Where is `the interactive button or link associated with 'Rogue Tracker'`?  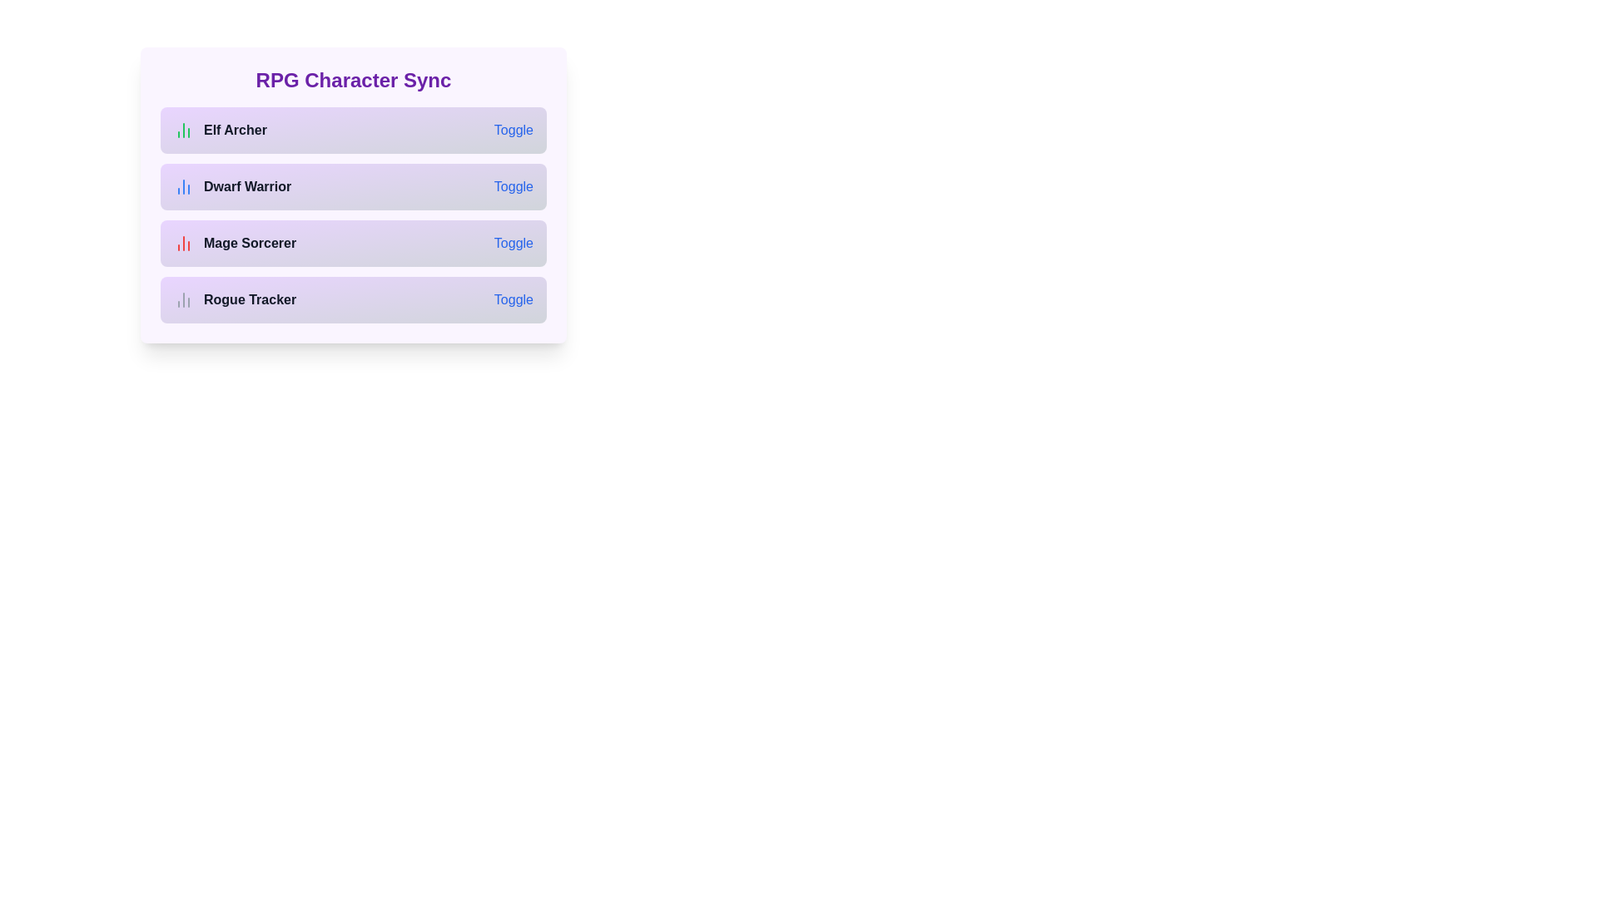 the interactive button or link associated with 'Rogue Tracker' is located at coordinates (513, 300).